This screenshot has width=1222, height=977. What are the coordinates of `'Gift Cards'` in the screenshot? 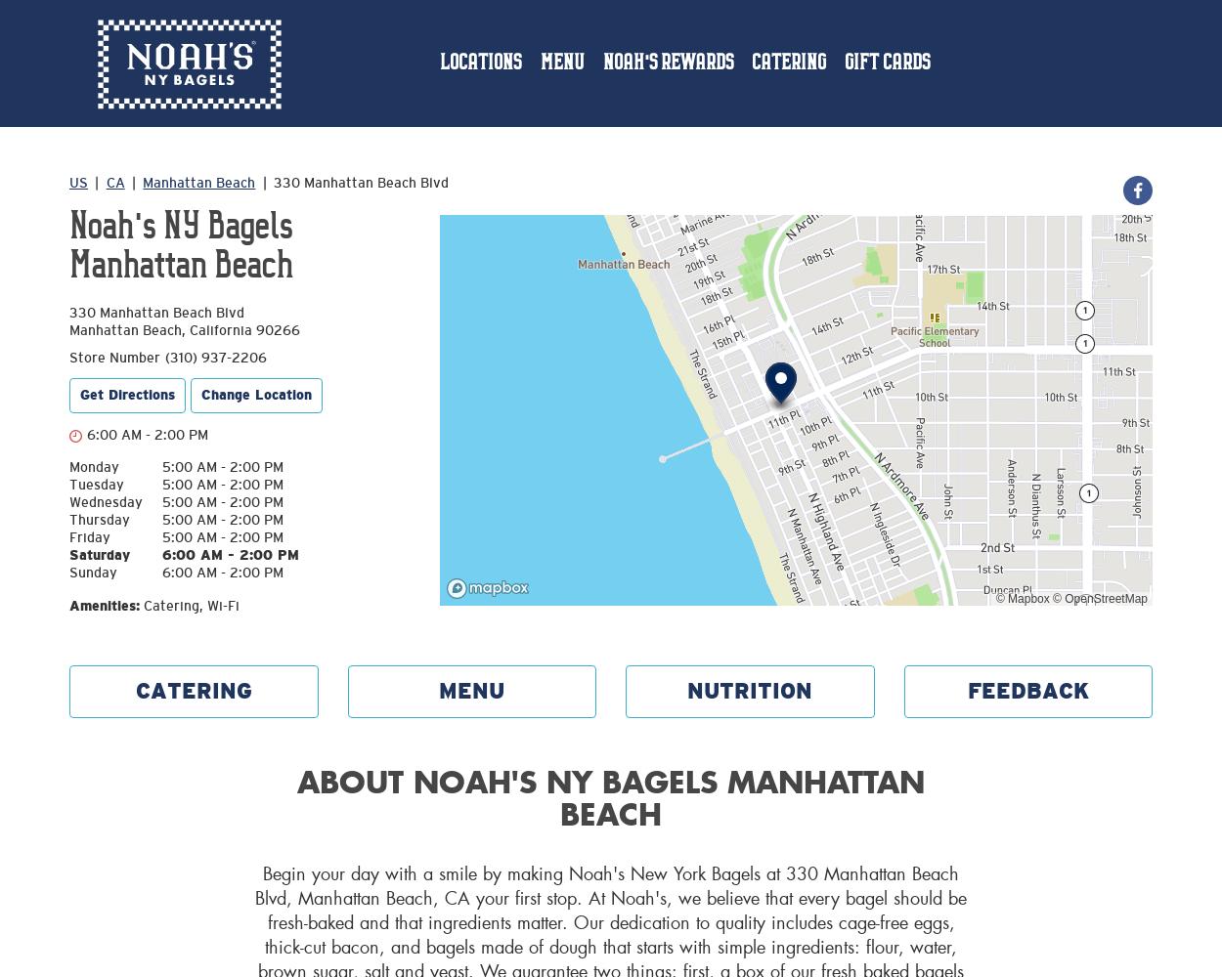 It's located at (887, 61).